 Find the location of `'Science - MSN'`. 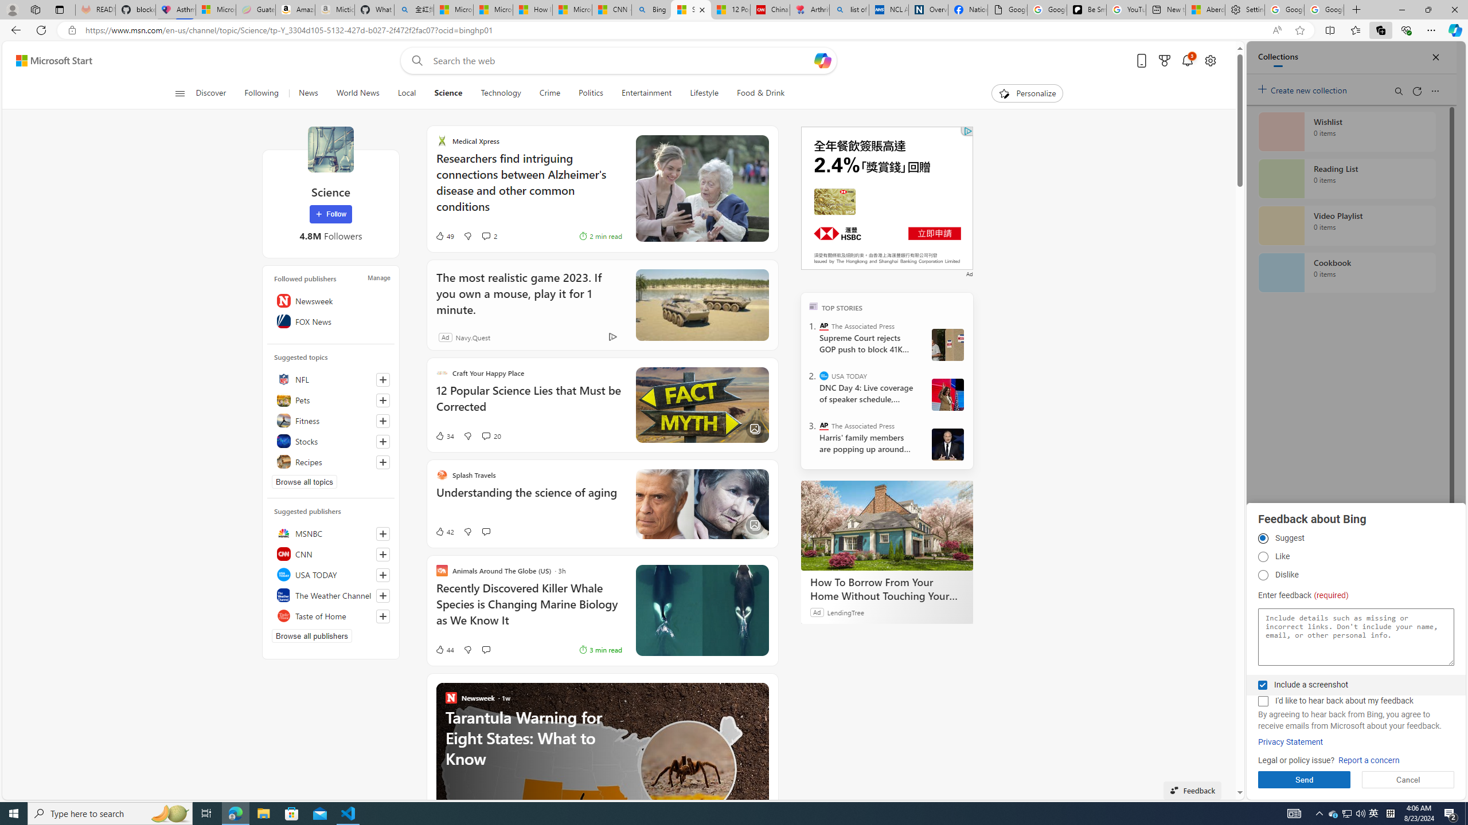

'Science - MSN' is located at coordinates (690, 9).